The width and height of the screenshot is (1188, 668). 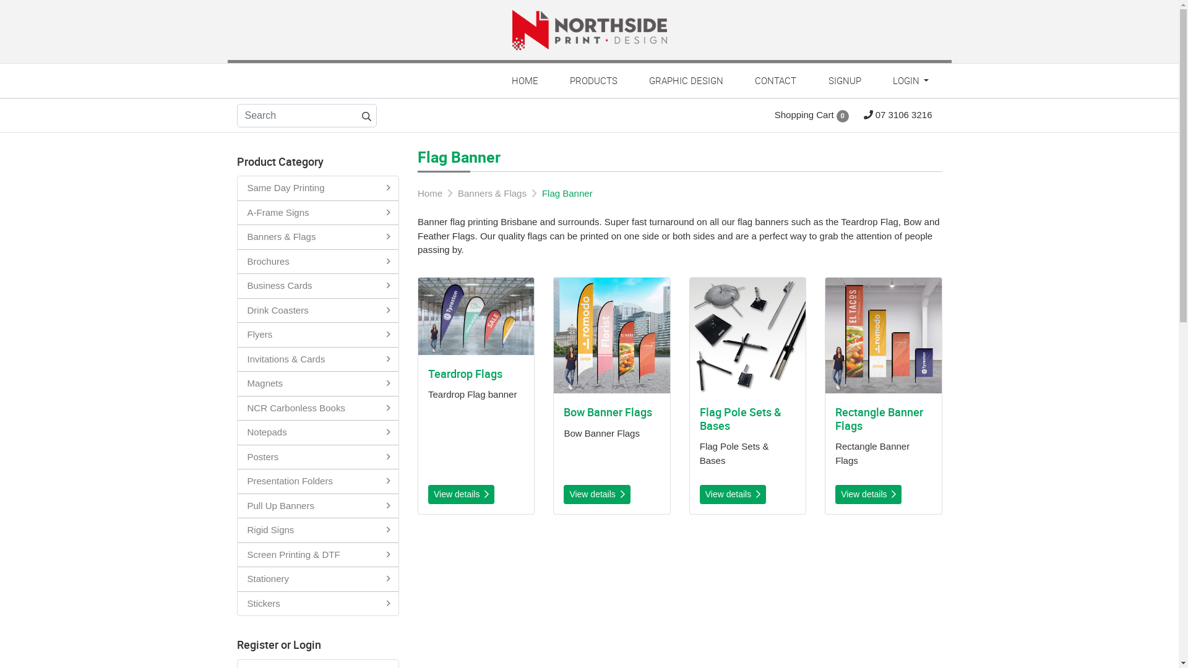 What do you see at coordinates (775, 80) in the screenshot?
I see `'CONTACT'` at bounding box center [775, 80].